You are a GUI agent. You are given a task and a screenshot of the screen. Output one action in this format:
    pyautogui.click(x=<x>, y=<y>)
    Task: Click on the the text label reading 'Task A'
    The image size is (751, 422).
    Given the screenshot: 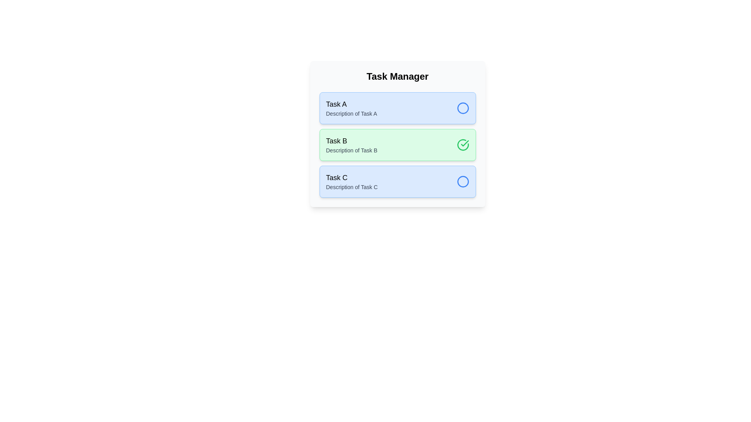 What is the action you would take?
    pyautogui.click(x=351, y=104)
    